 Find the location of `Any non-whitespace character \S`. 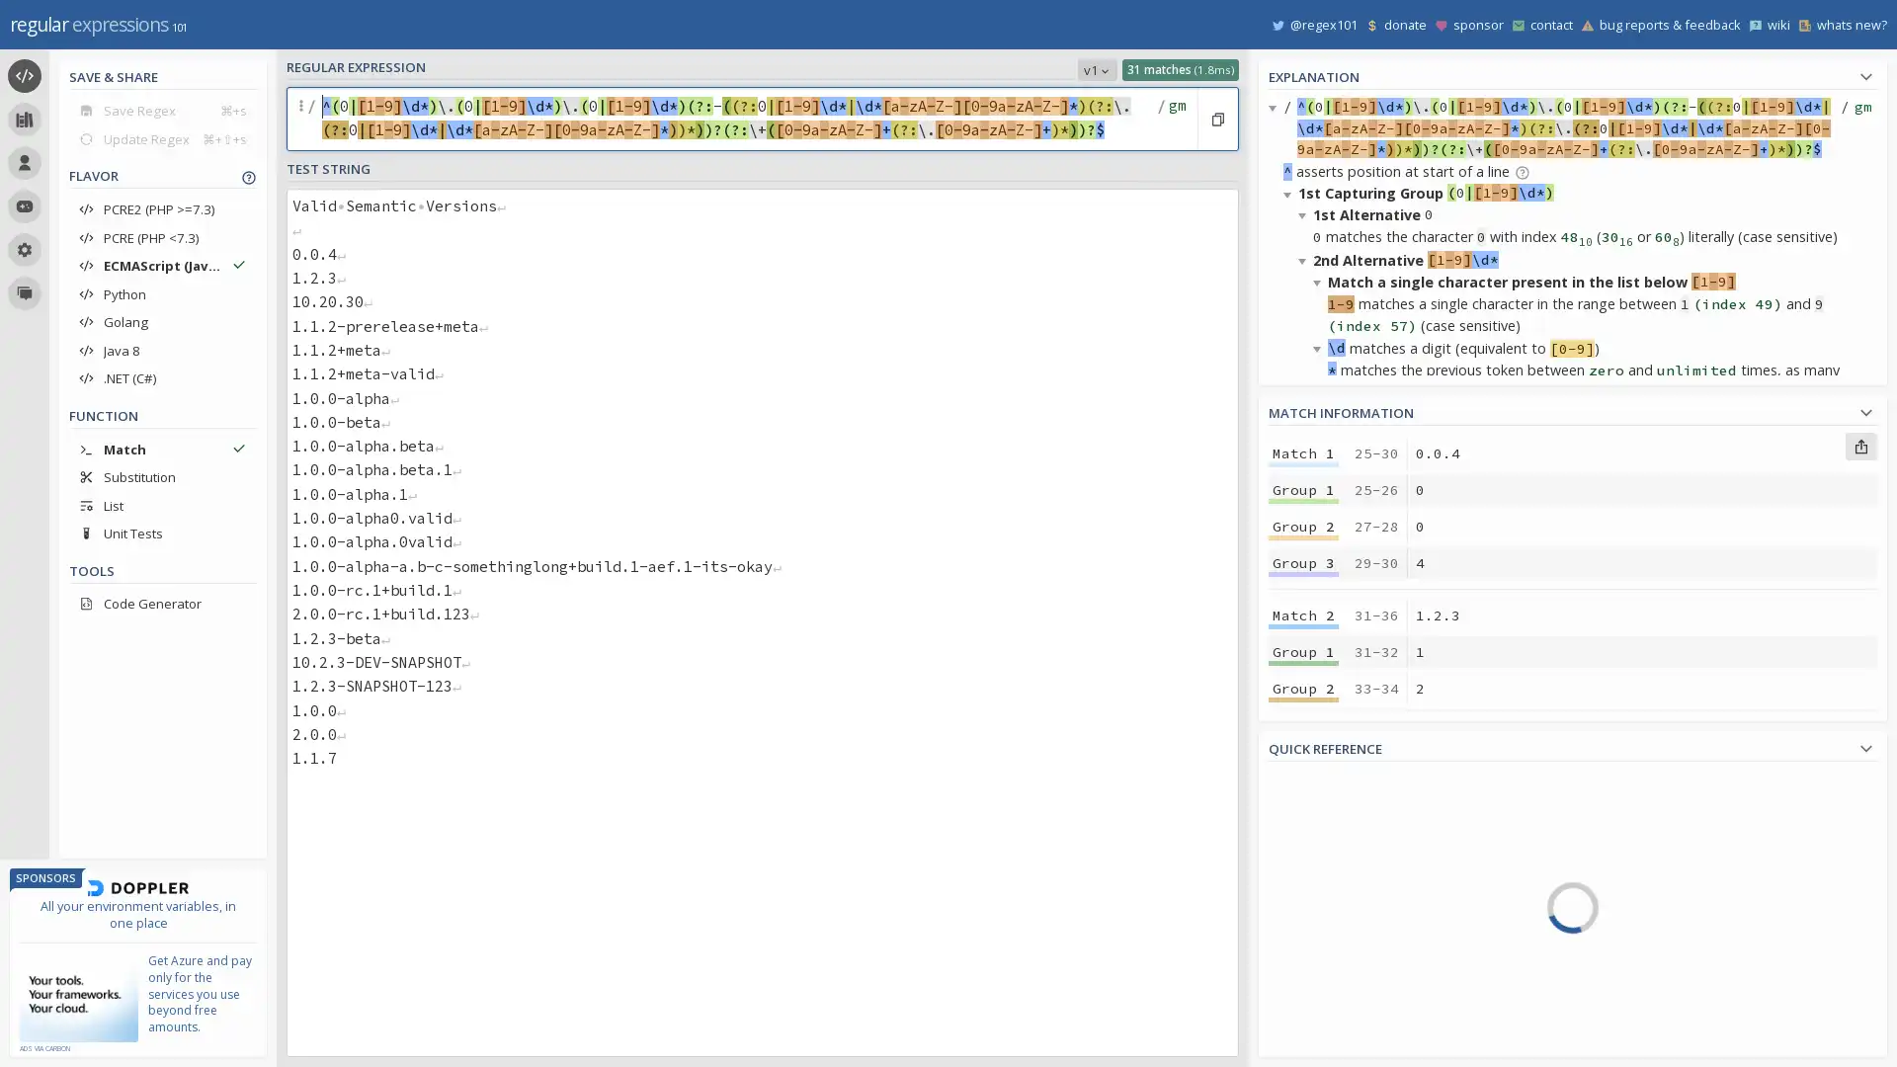

Any non-whitespace character \S is located at coordinates (1671, 1007).